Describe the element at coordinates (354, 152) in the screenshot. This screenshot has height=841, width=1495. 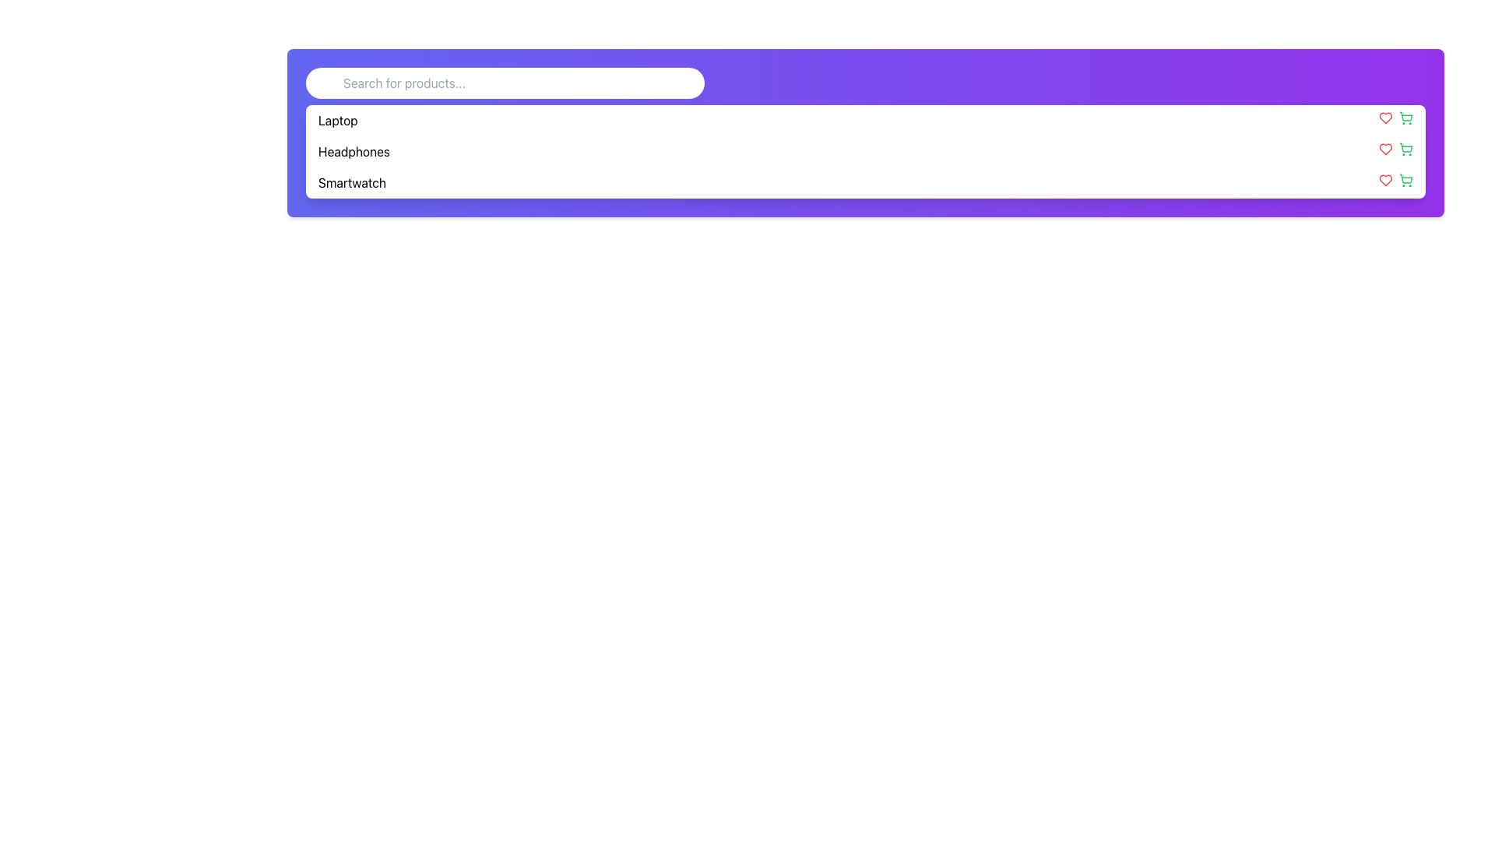
I see `the second item labeled 'Headphones' in the vertical menu` at that location.